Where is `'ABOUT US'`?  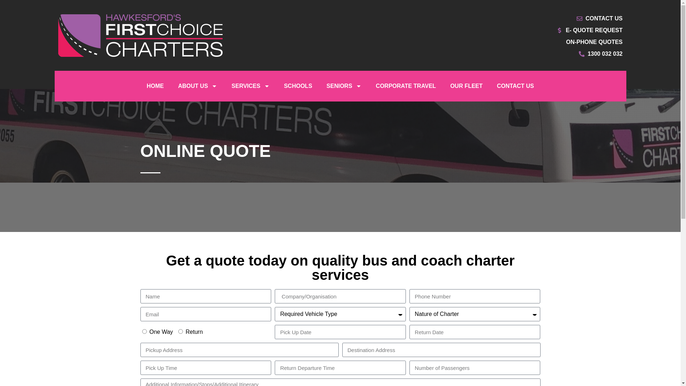
'ABOUT US' is located at coordinates (197, 85).